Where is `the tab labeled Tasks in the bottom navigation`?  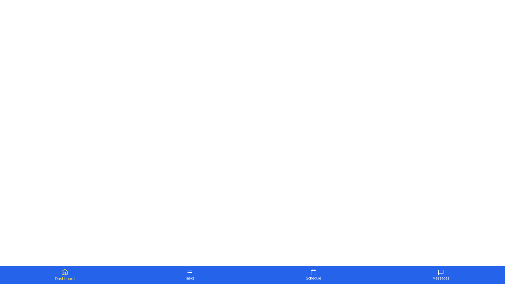 the tab labeled Tasks in the bottom navigation is located at coordinates (189, 275).